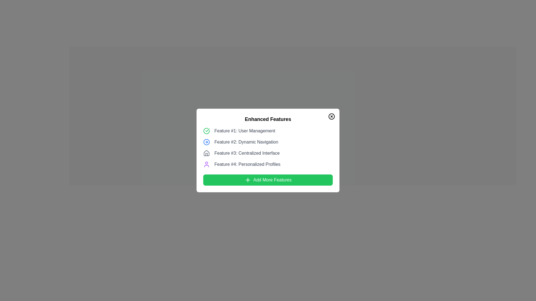 This screenshot has height=301, width=536. Describe the element at coordinates (206, 153) in the screenshot. I see `the 'Centralized Interface' icon located in the third row of the 'Enhanced Features' dialog box, which is positioned to the left of the text 'Feature #3: Centralized Interface'` at that location.